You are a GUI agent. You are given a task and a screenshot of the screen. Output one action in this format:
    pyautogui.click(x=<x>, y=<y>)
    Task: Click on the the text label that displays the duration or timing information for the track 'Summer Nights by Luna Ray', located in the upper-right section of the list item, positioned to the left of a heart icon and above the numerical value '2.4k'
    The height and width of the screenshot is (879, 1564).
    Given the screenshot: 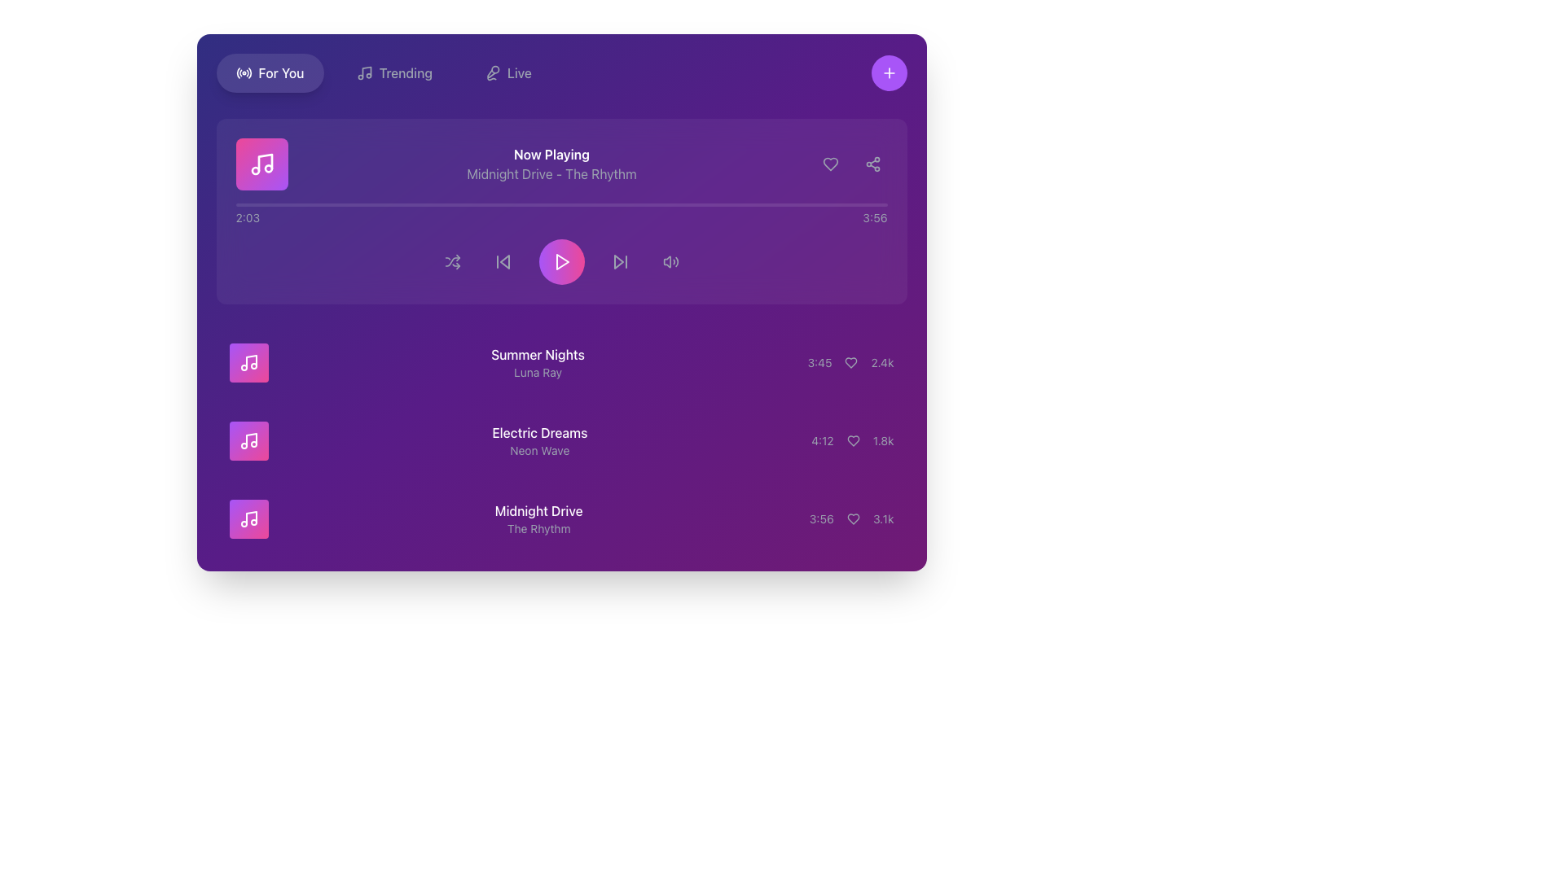 What is the action you would take?
    pyautogui.click(x=819, y=362)
    